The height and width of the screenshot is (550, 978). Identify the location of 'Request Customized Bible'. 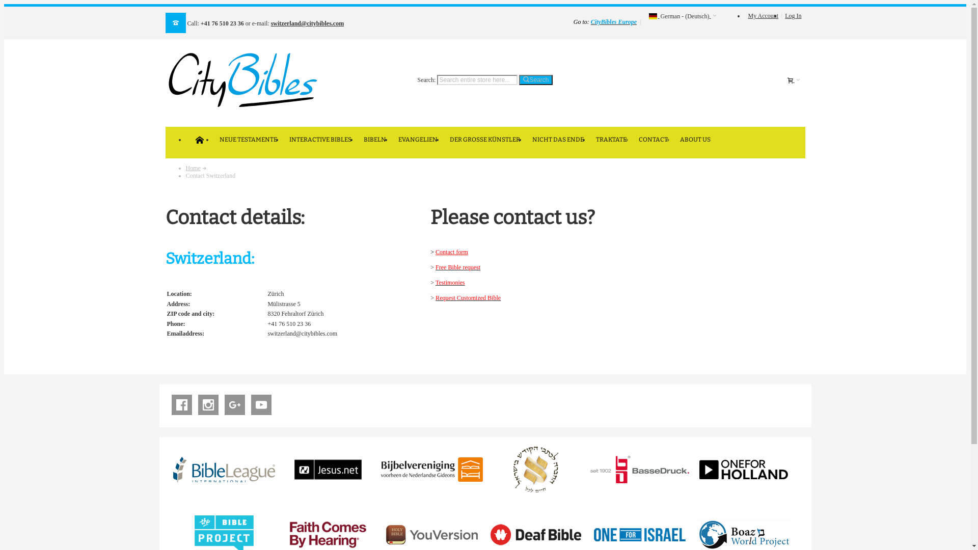
(467, 298).